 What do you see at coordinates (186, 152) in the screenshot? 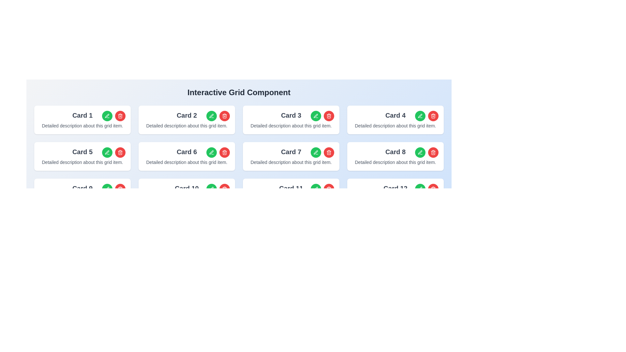
I see `the text label displaying 'Card 6', which is styled with a bold font and dark gray color, located at the top-left section of the sixth card in the grid` at bounding box center [186, 152].